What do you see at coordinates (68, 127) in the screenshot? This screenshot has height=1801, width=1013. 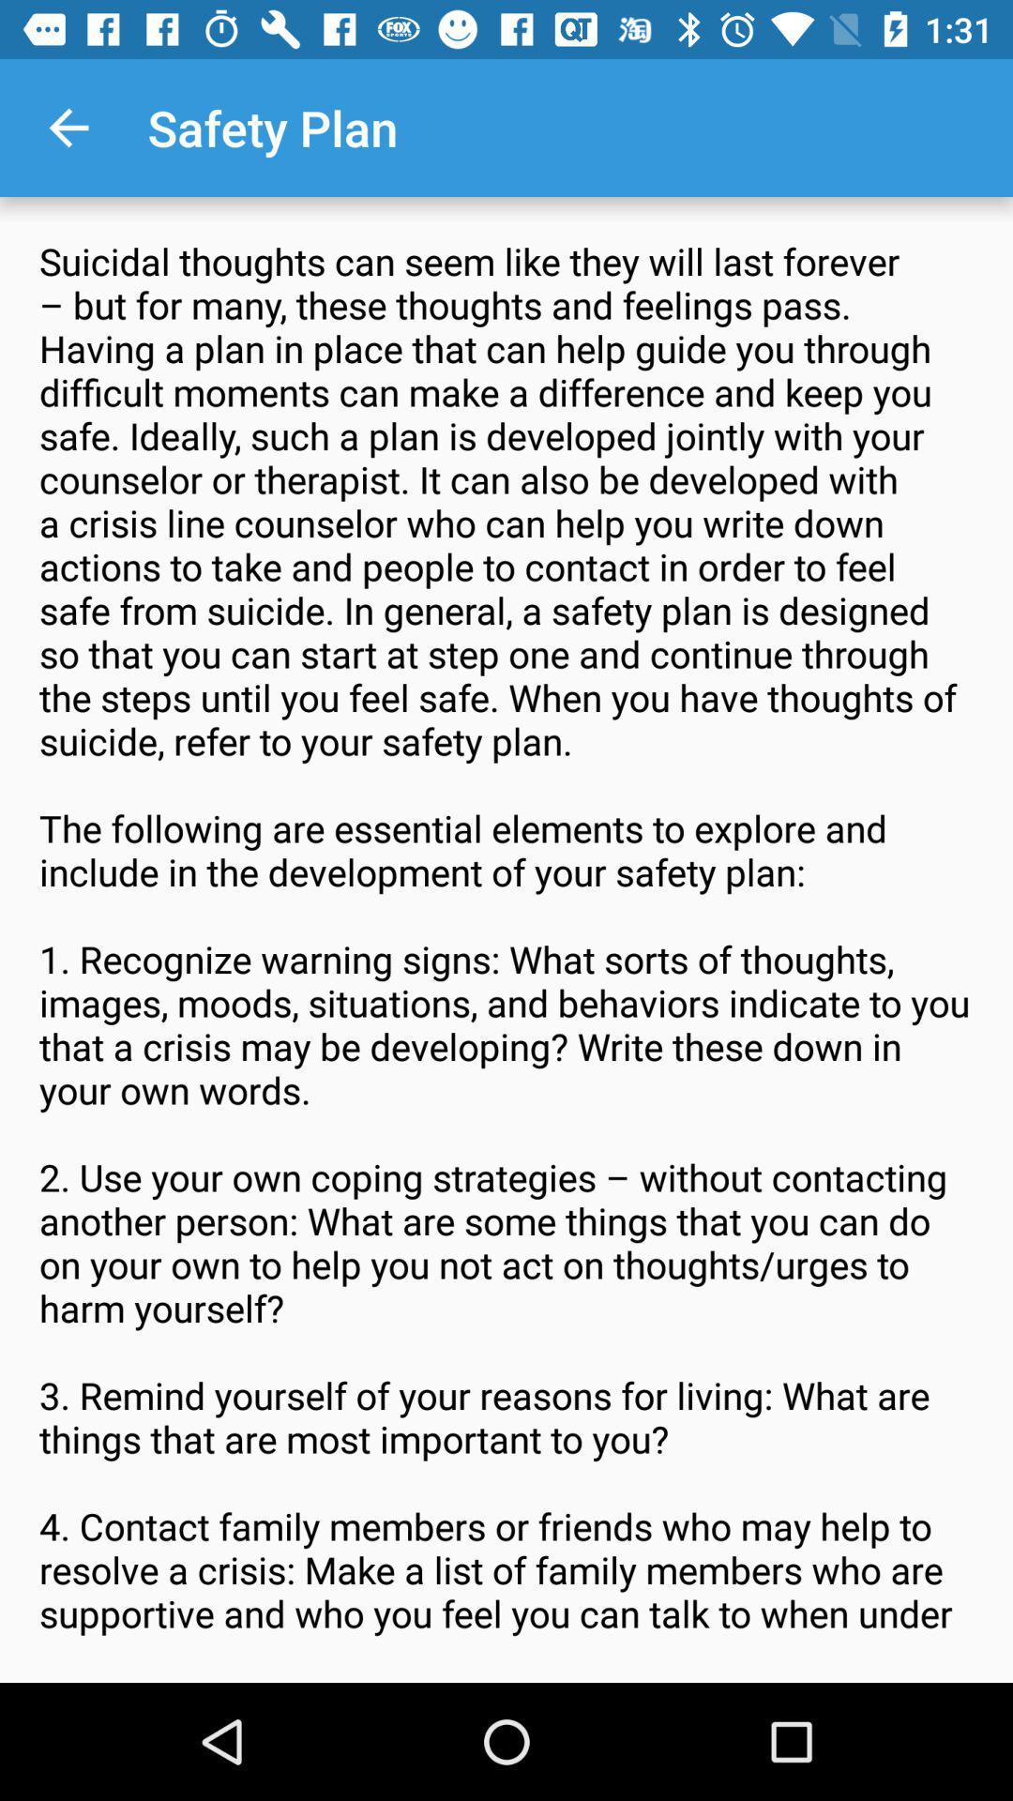 I see `the item above suicidal thoughts can` at bounding box center [68, 127].